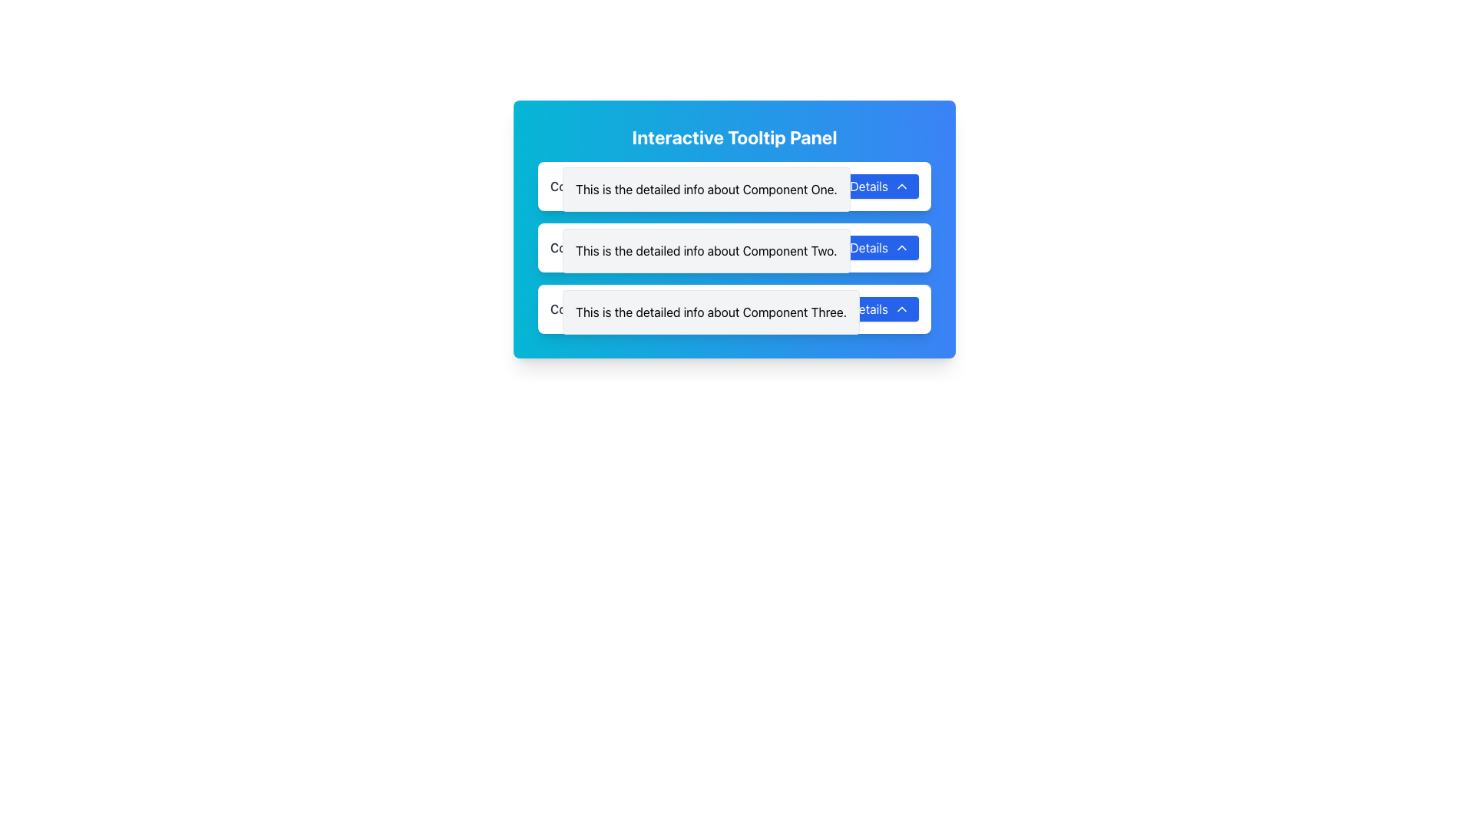 The height and width of the screenshot is (829, 1474). Describe the element at coordinates (880, 186) in the screenshot. I see `the button located on the right side of the first panel, adjacent to the descriptive text 'This is the detailed info about Component One'` at that location.